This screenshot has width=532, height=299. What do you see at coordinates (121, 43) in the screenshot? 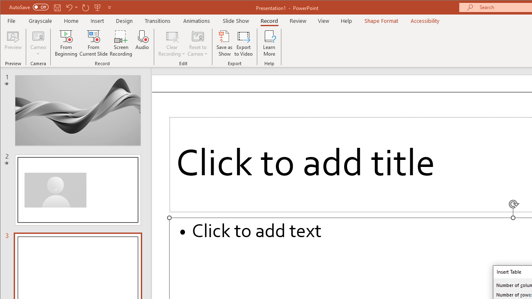
I see `'Screen Recording'` at bounding box center [121, 43].